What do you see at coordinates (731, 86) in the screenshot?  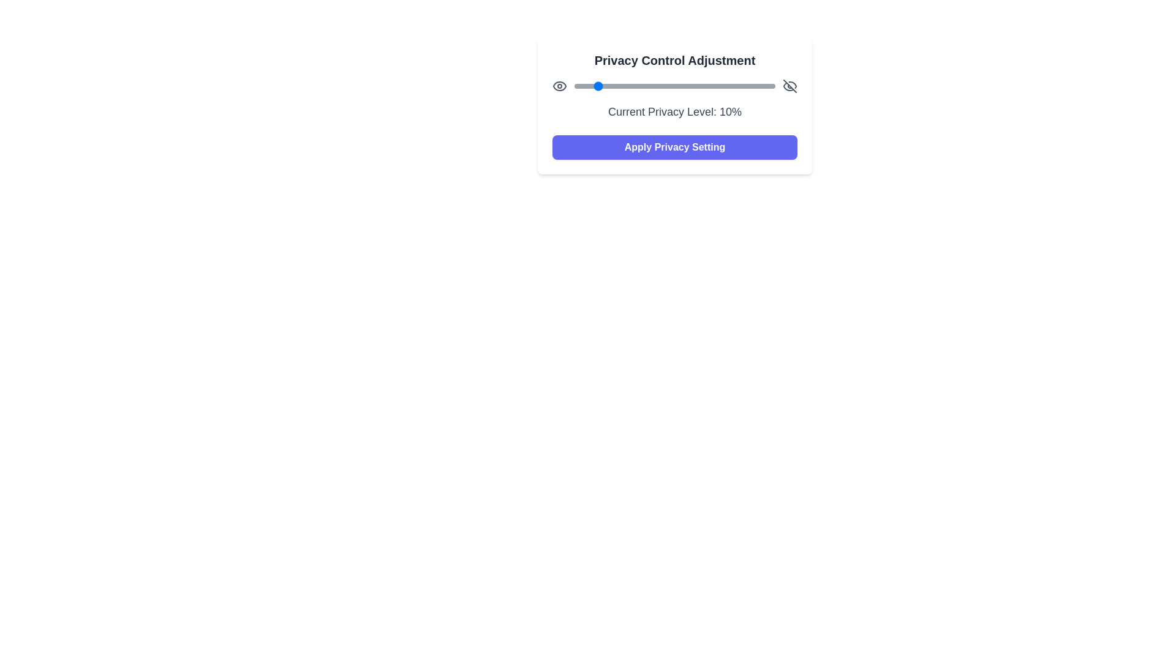 I see `the privacy slider to 78%` at bounding box center [731, 86].